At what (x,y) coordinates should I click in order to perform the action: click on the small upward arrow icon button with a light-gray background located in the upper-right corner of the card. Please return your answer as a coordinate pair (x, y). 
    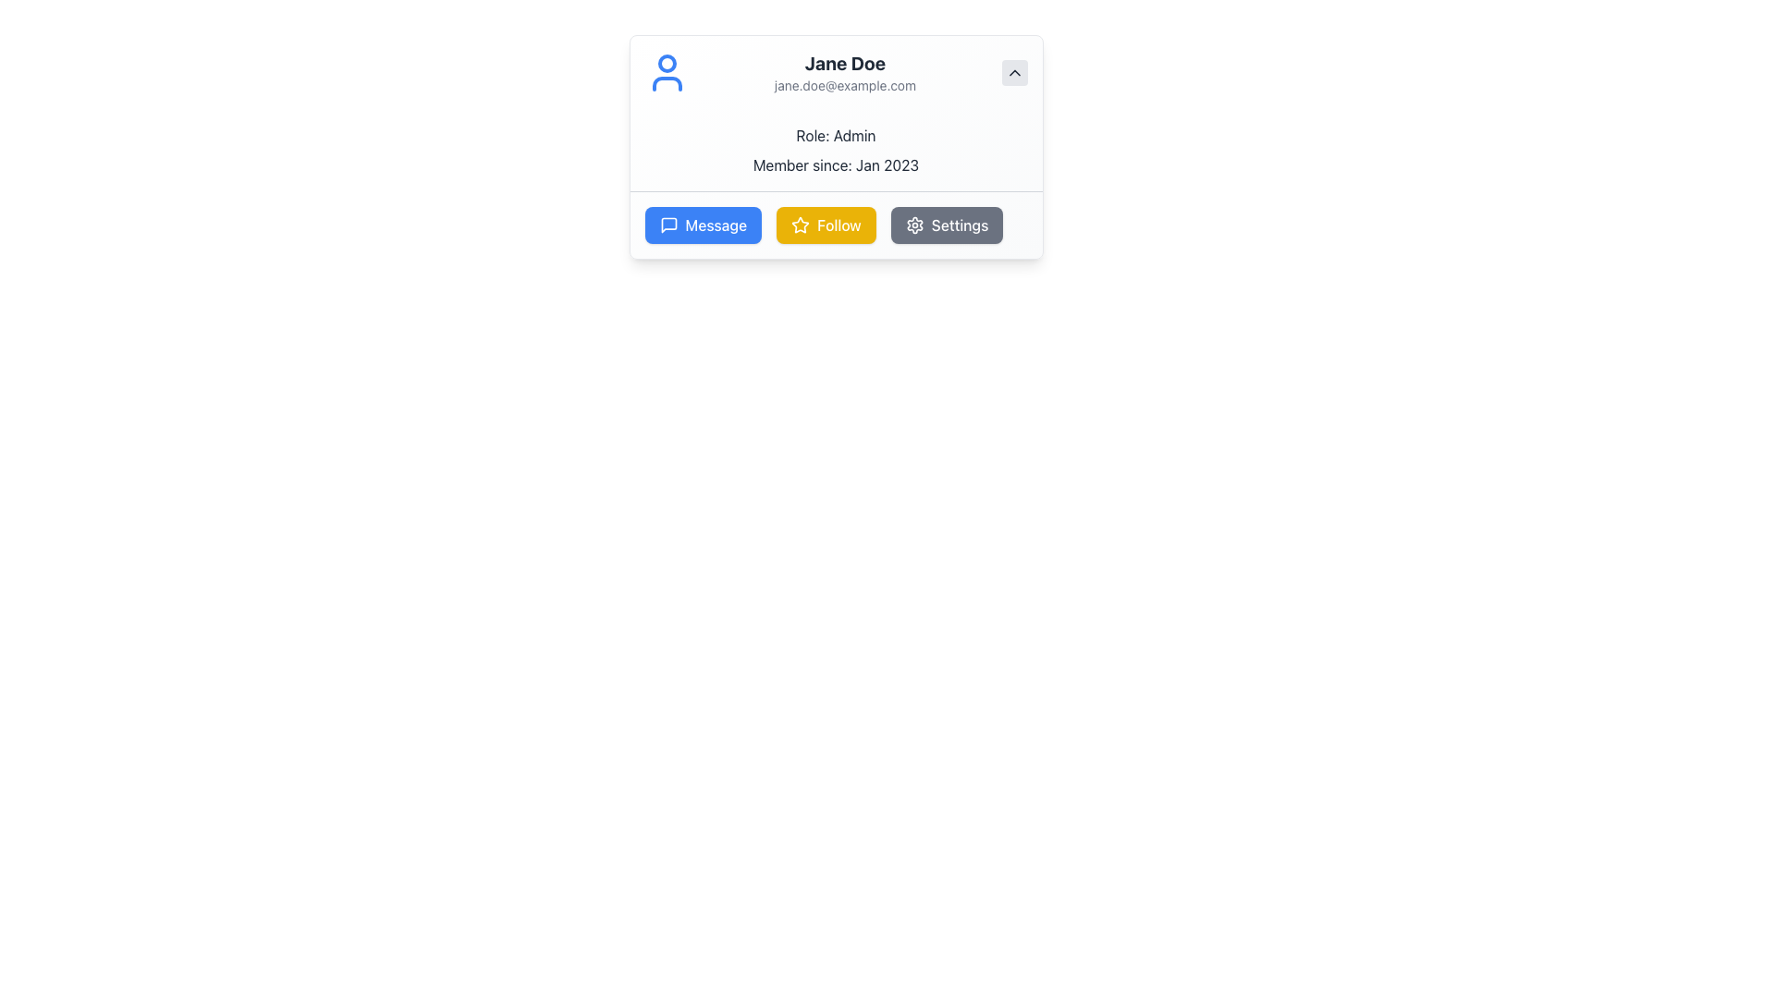
    Looking at the image, I should click on (1013, 71).